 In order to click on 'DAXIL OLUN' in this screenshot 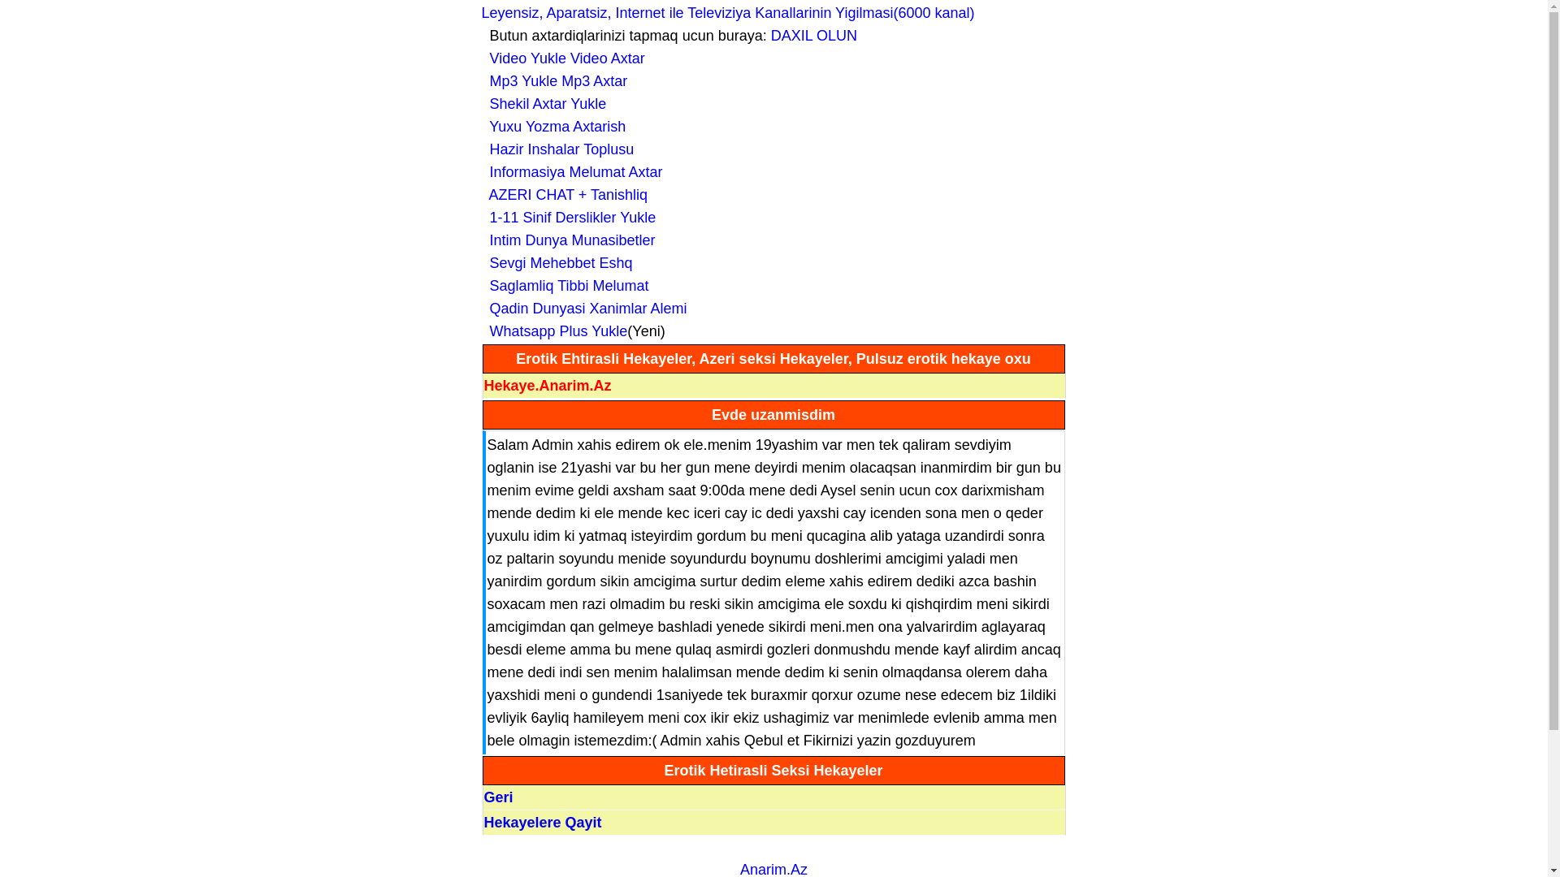, I will do `click(814, 35)`.